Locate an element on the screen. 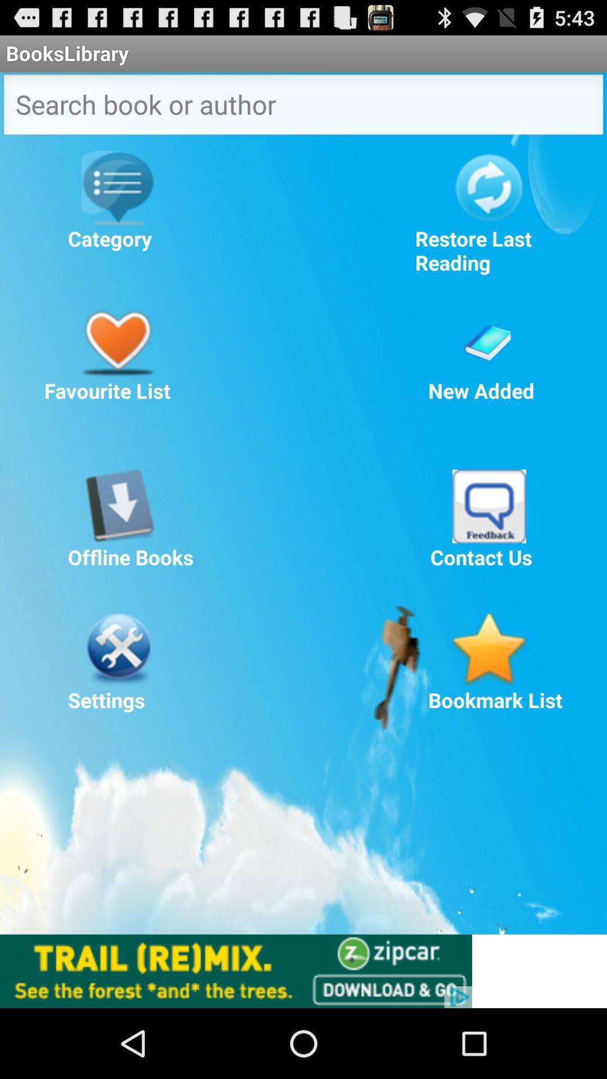 The image size is (607, 1079). settings is located at coordinates (117, 649).